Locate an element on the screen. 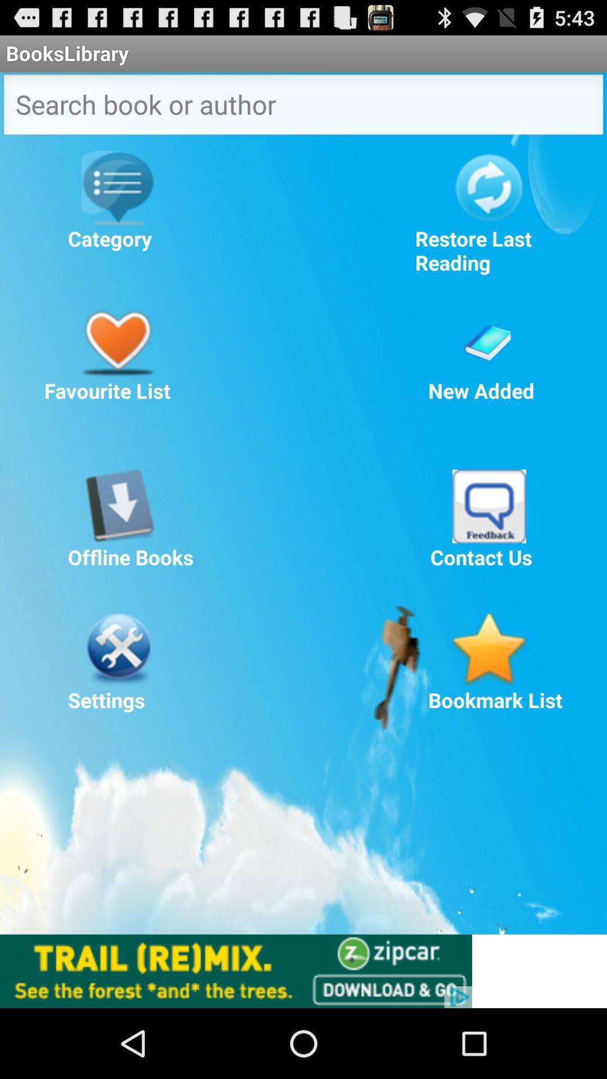 The image size is (607, 1079). settings is located at coordinates (117, 649).